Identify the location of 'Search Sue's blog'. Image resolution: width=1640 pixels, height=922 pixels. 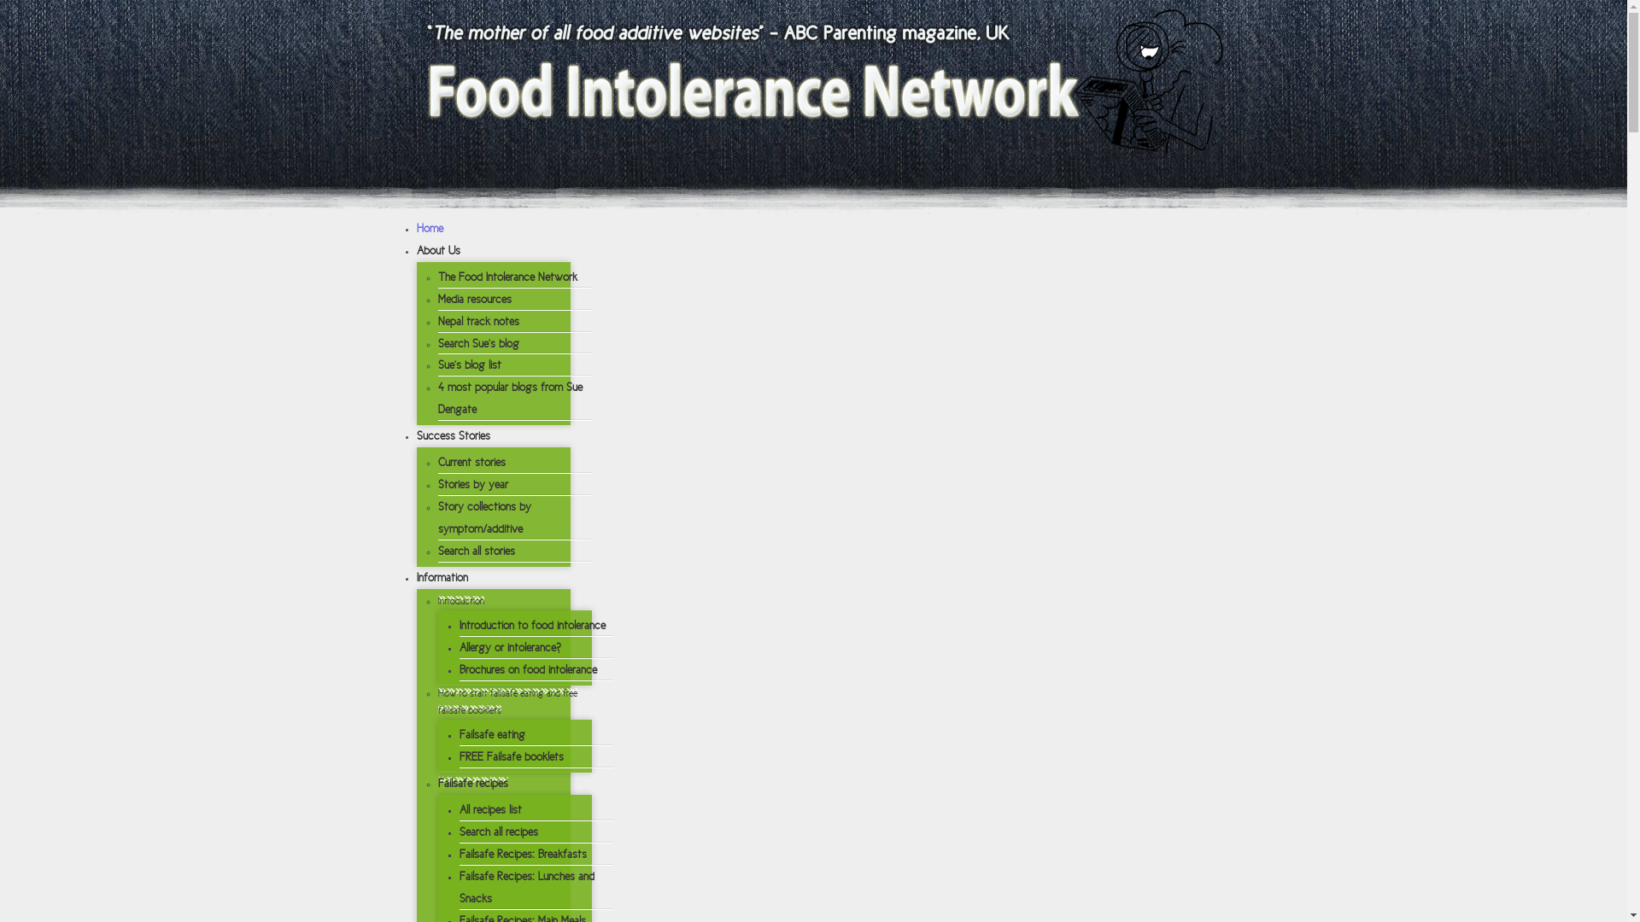
(477, 343).